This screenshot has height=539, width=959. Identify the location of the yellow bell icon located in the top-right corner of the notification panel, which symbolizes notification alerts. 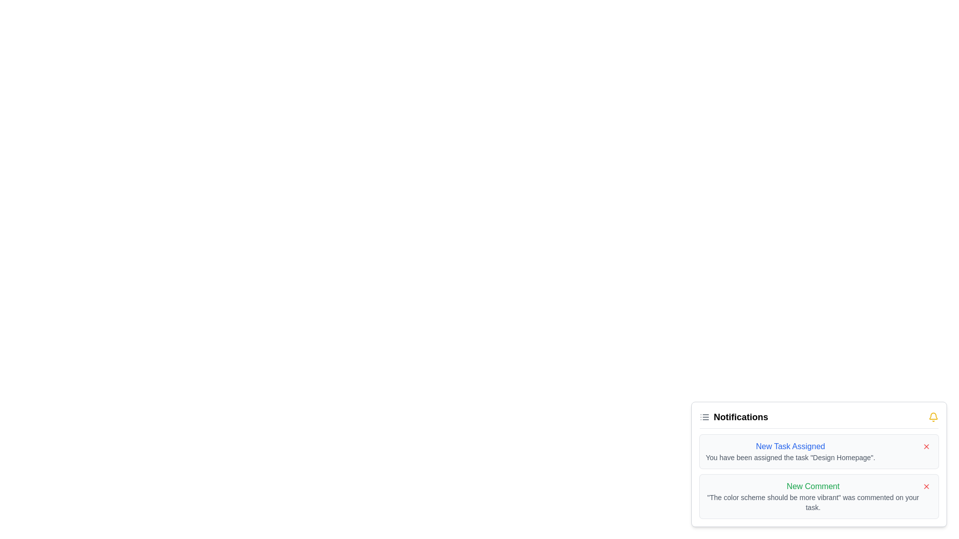
(933, 416).